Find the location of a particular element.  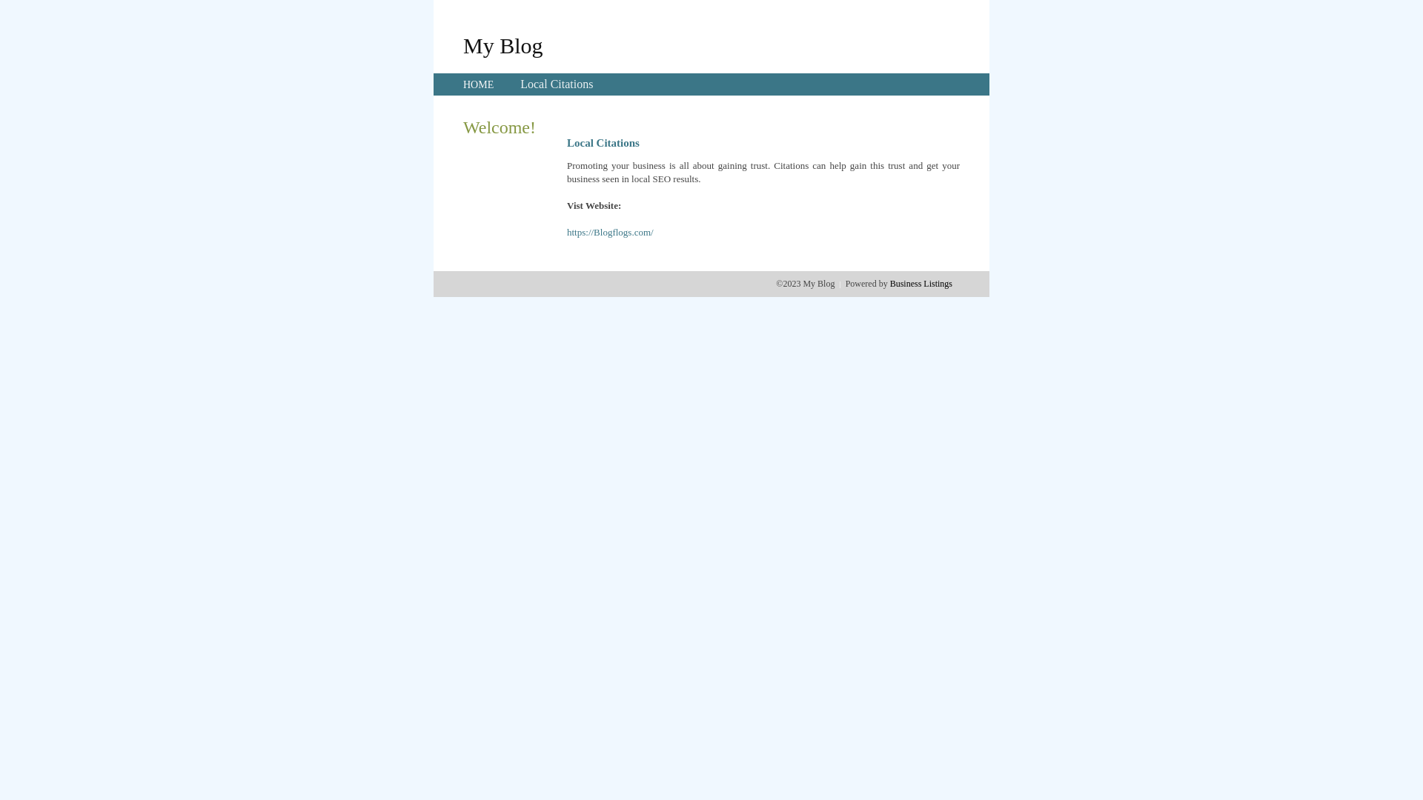

'My Blog' is located at coordinates (502, 44).